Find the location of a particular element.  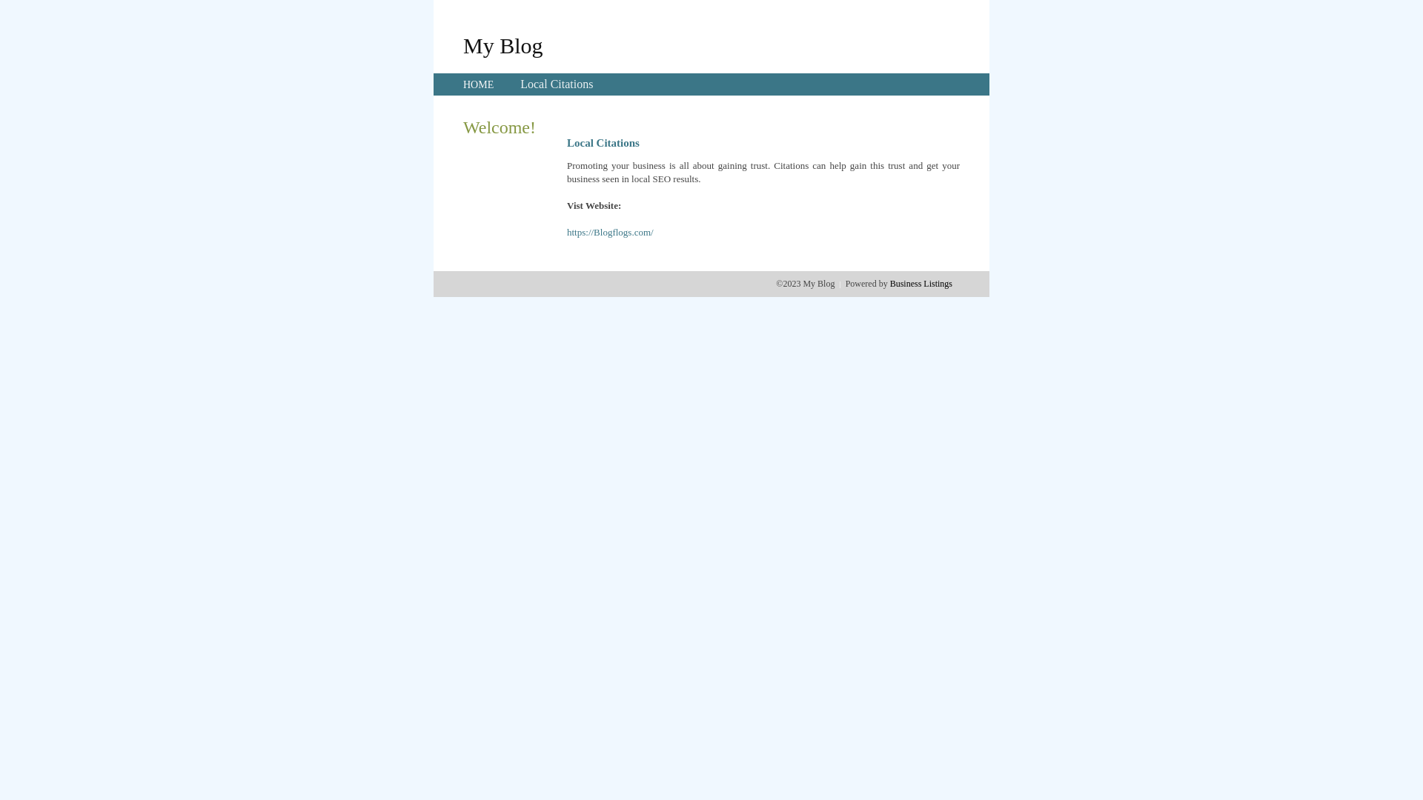

'My Blog' is located at coordinates (502, 44).